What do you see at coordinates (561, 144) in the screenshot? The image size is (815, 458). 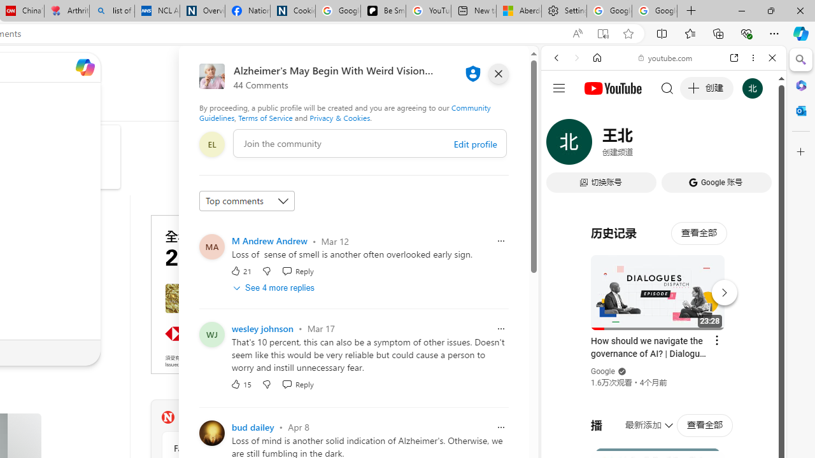 I see `'Search Filter, WEB'` at bounding box center [561, 144].